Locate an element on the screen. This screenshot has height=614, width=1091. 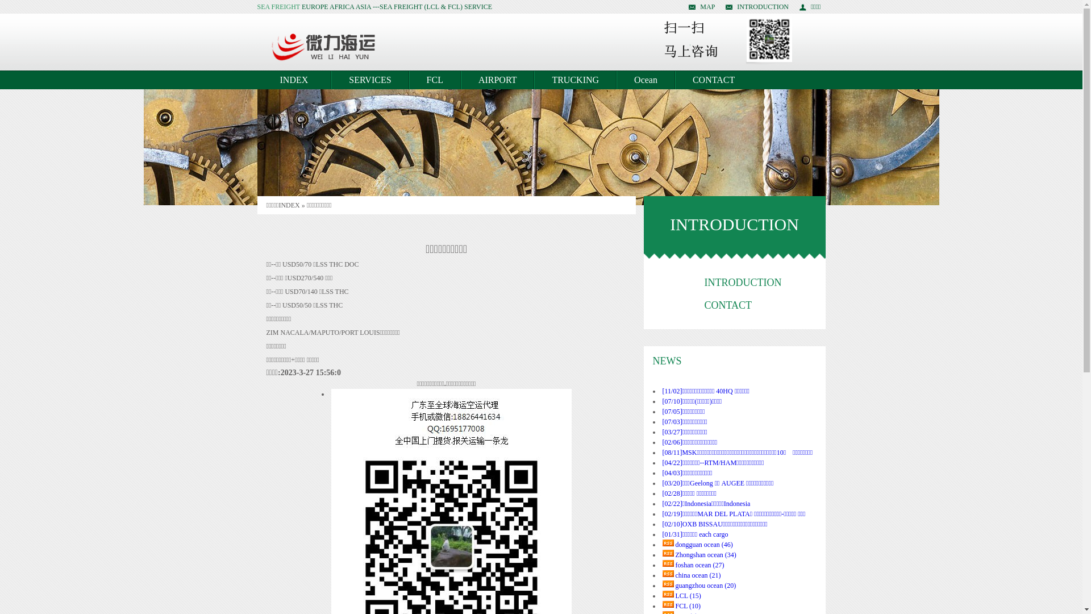
'INDEX' is located at coordinates (256, 80).